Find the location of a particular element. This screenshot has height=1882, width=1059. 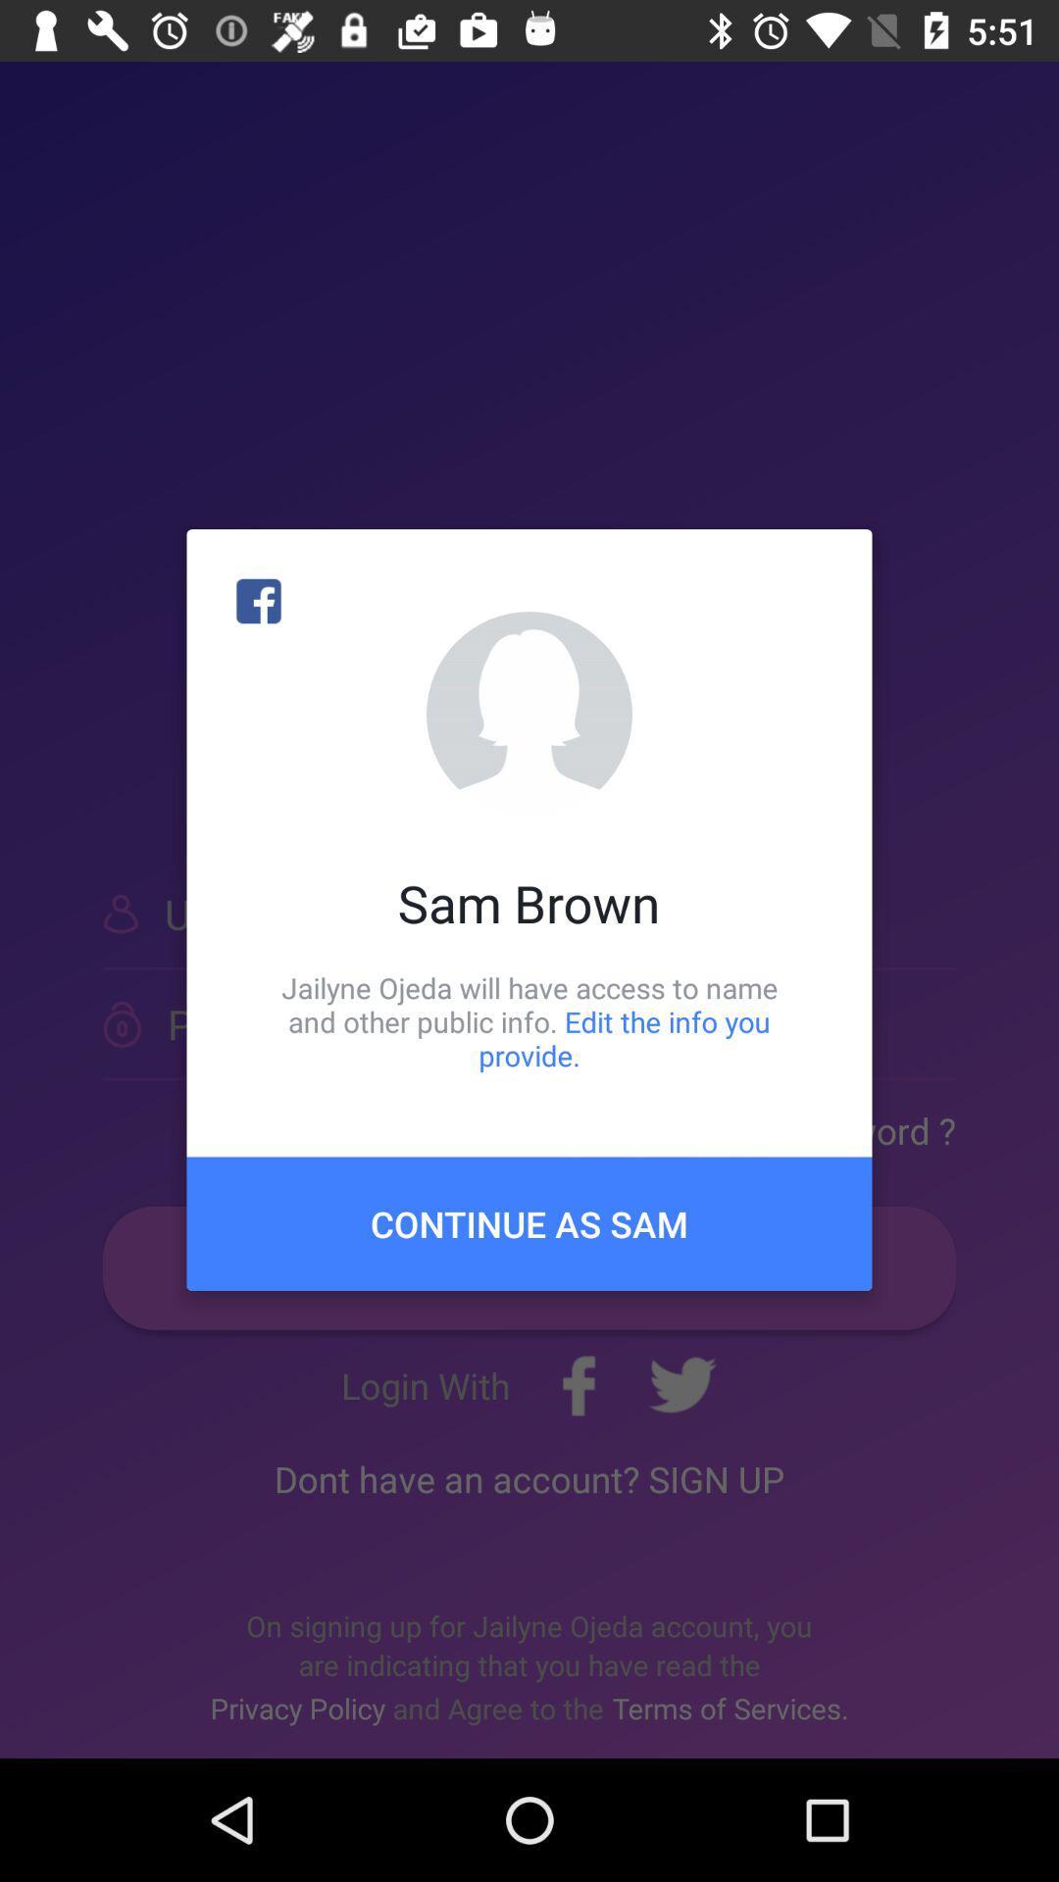

the item below sam brown item is located at coordinates (529, 1020).